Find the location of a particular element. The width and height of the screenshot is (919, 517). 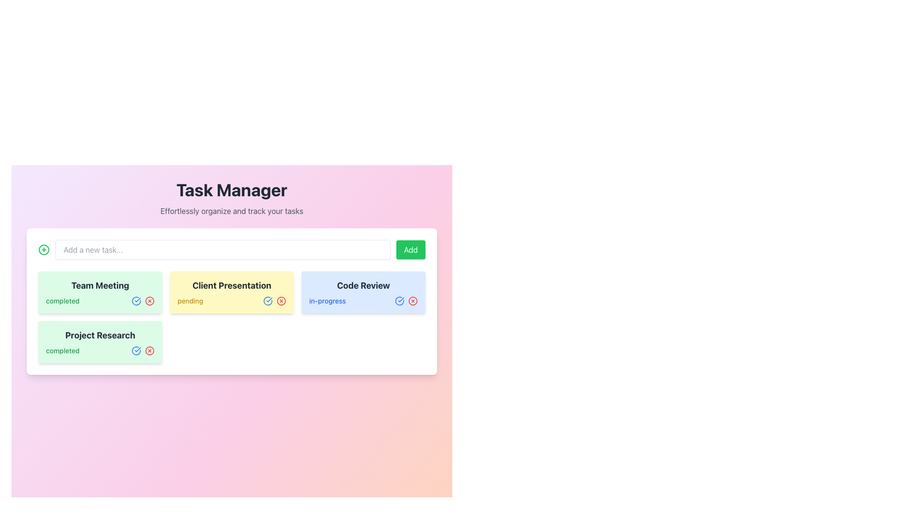

the text label that displays the content 'Effortlessly organize and track your tasks', which is styled in light gray and is located centrally below the 'Task Manager' heading is located at coordinates (232, 210).